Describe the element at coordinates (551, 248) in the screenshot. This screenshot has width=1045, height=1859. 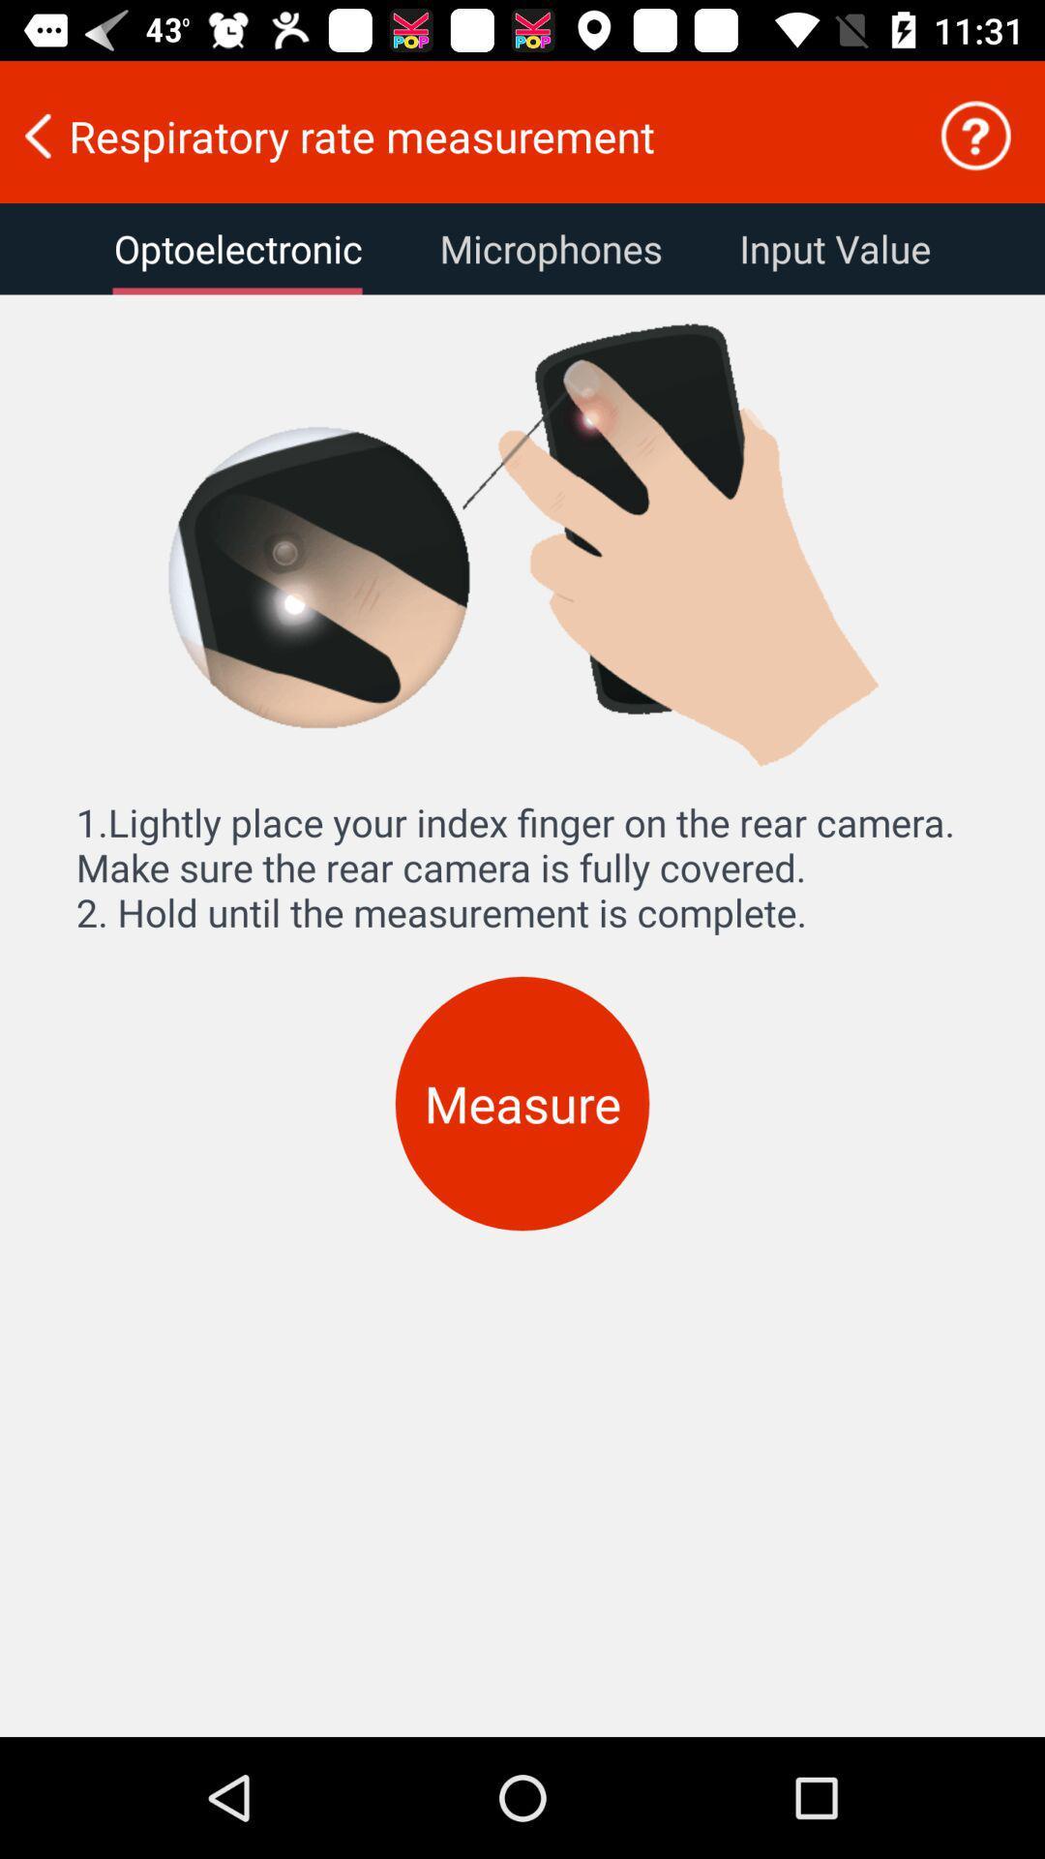
I see `icon next to input value icon` at that location.